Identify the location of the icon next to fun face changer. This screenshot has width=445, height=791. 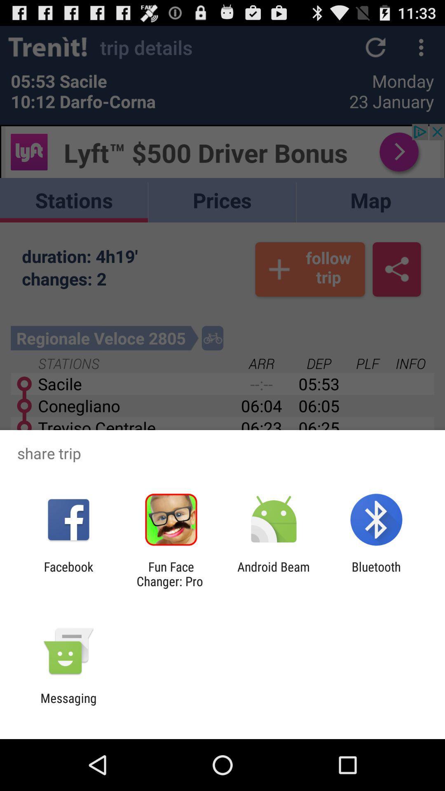
(68, 573).